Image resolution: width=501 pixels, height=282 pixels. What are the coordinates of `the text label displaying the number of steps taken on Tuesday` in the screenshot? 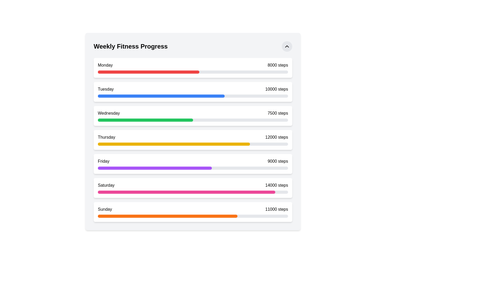 It's located at (276, 89).